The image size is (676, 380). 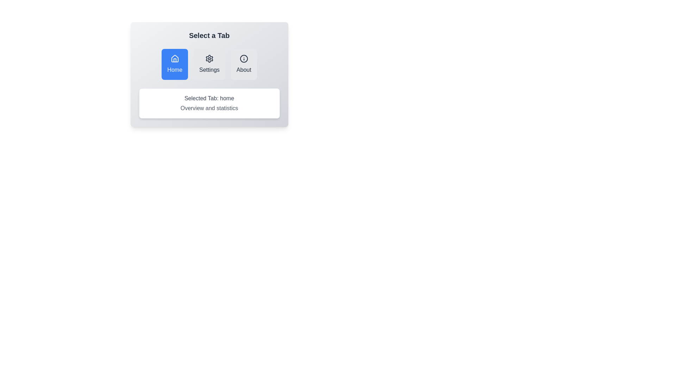 What do you see at coordinates (175, 64) in the screenshot?
I see `the tab labeled Home to observe its hover effect` at bounding box center [175, 64].